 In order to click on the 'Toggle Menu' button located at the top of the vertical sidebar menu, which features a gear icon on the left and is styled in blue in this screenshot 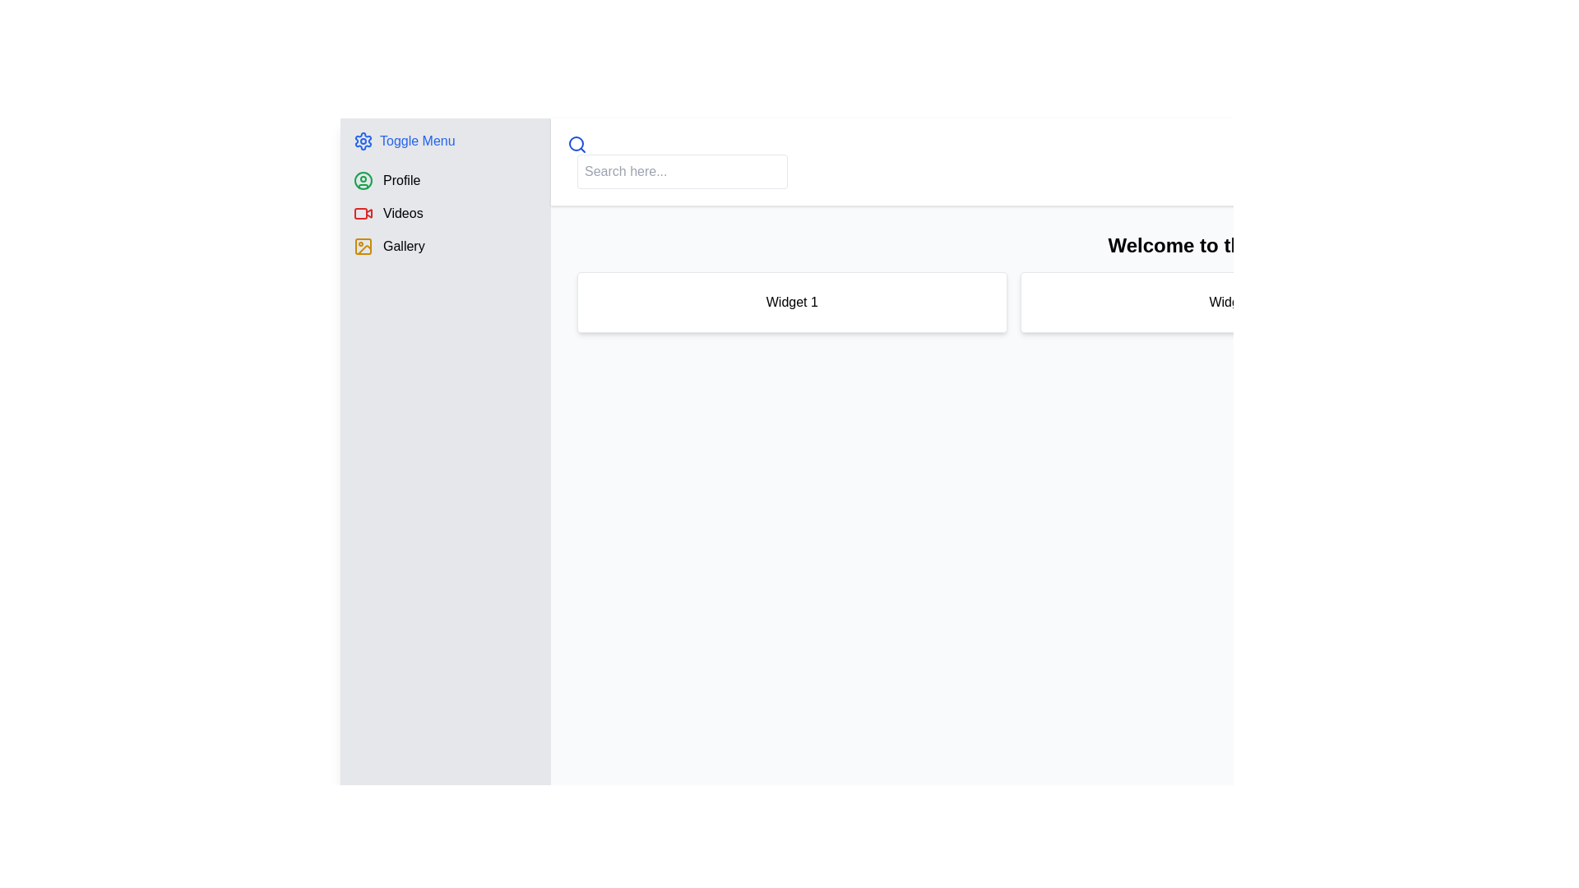, I will do `click(404, 141)`.